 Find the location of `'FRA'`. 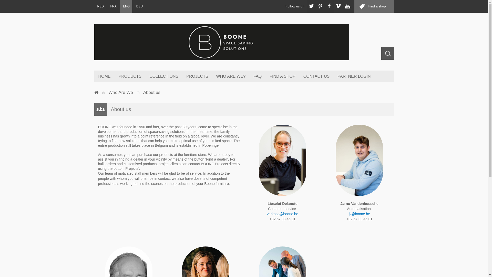

'FRA' is located at coordinates (113, 6).